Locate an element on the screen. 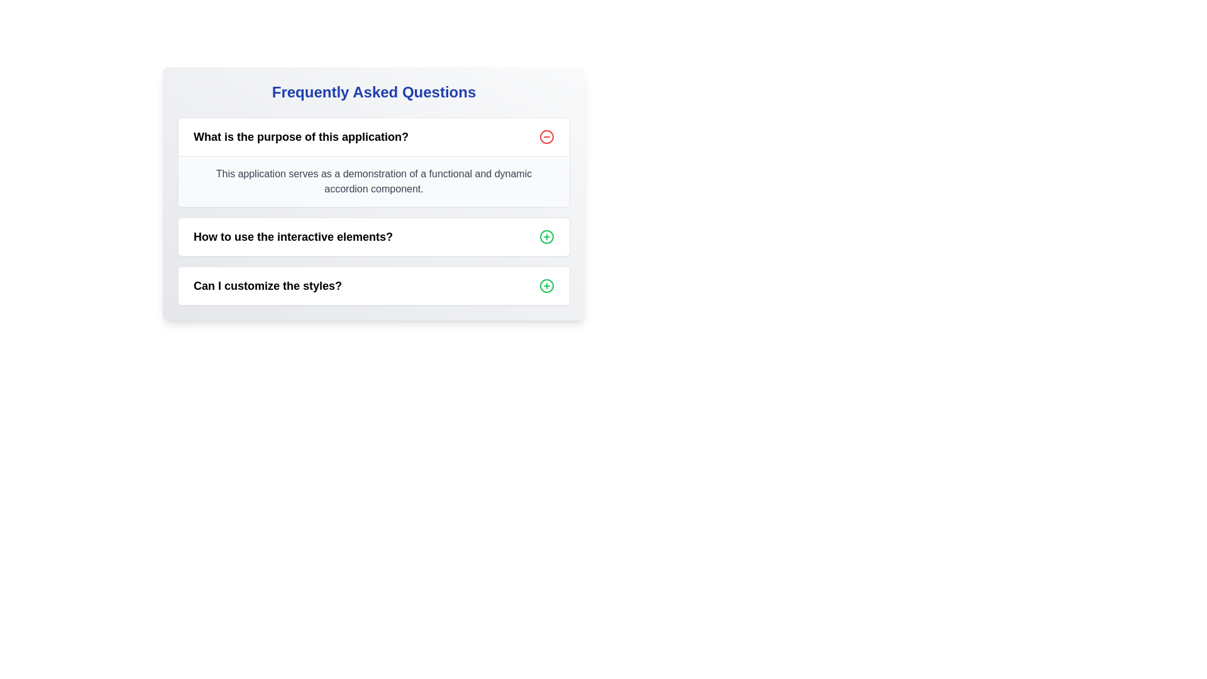 The width and height of the screenshot is (1207, 679). the Title text element, which serves as the header for the section above the question items, located at the top of a visually distinct white box with rounded corners is located at coordinates (373, 91).